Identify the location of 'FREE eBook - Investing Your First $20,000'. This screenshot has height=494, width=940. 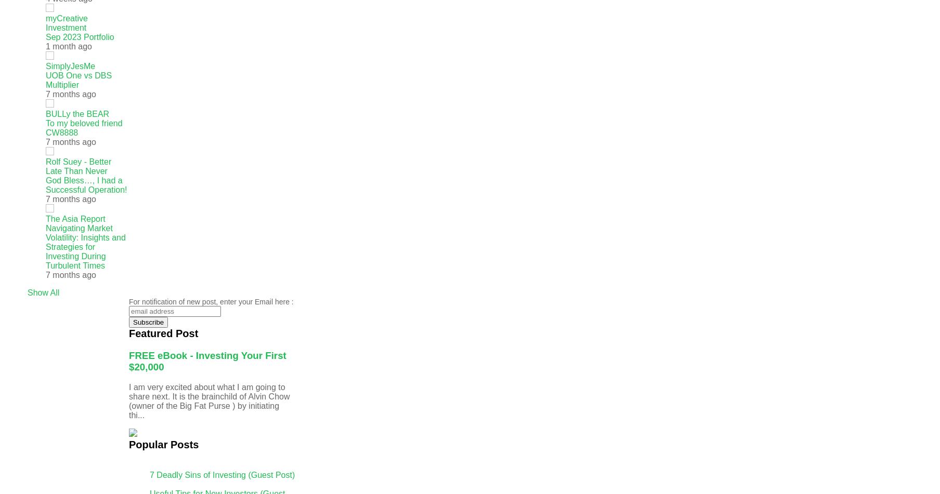
(207, 361).